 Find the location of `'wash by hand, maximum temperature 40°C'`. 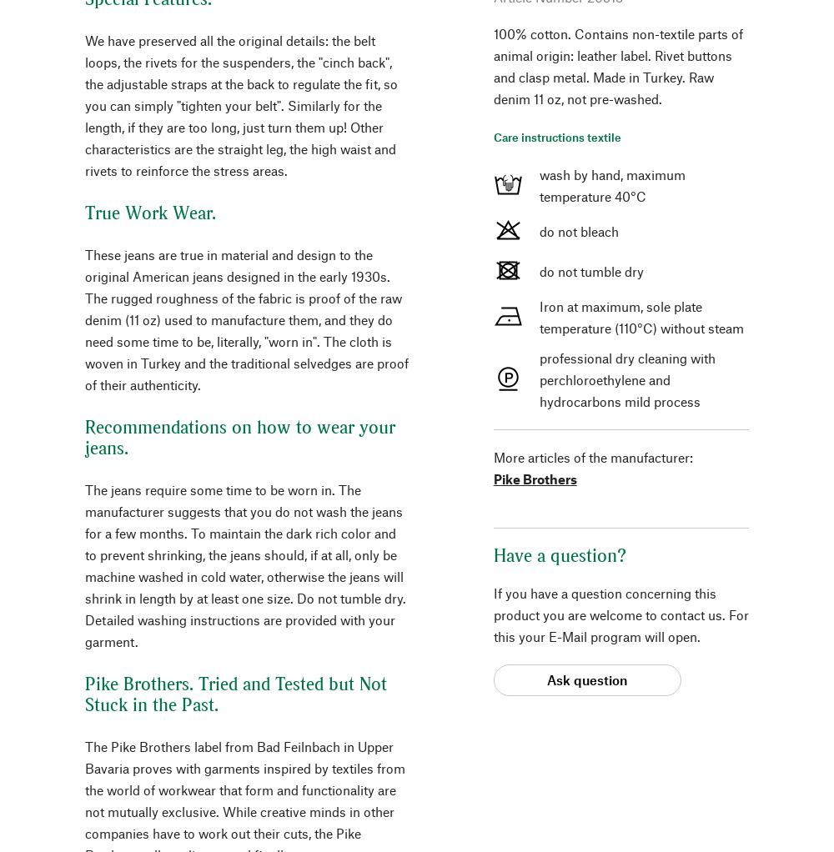

'wash by hand, maximum temperature 40°C' is located at coordinates (539, 183).